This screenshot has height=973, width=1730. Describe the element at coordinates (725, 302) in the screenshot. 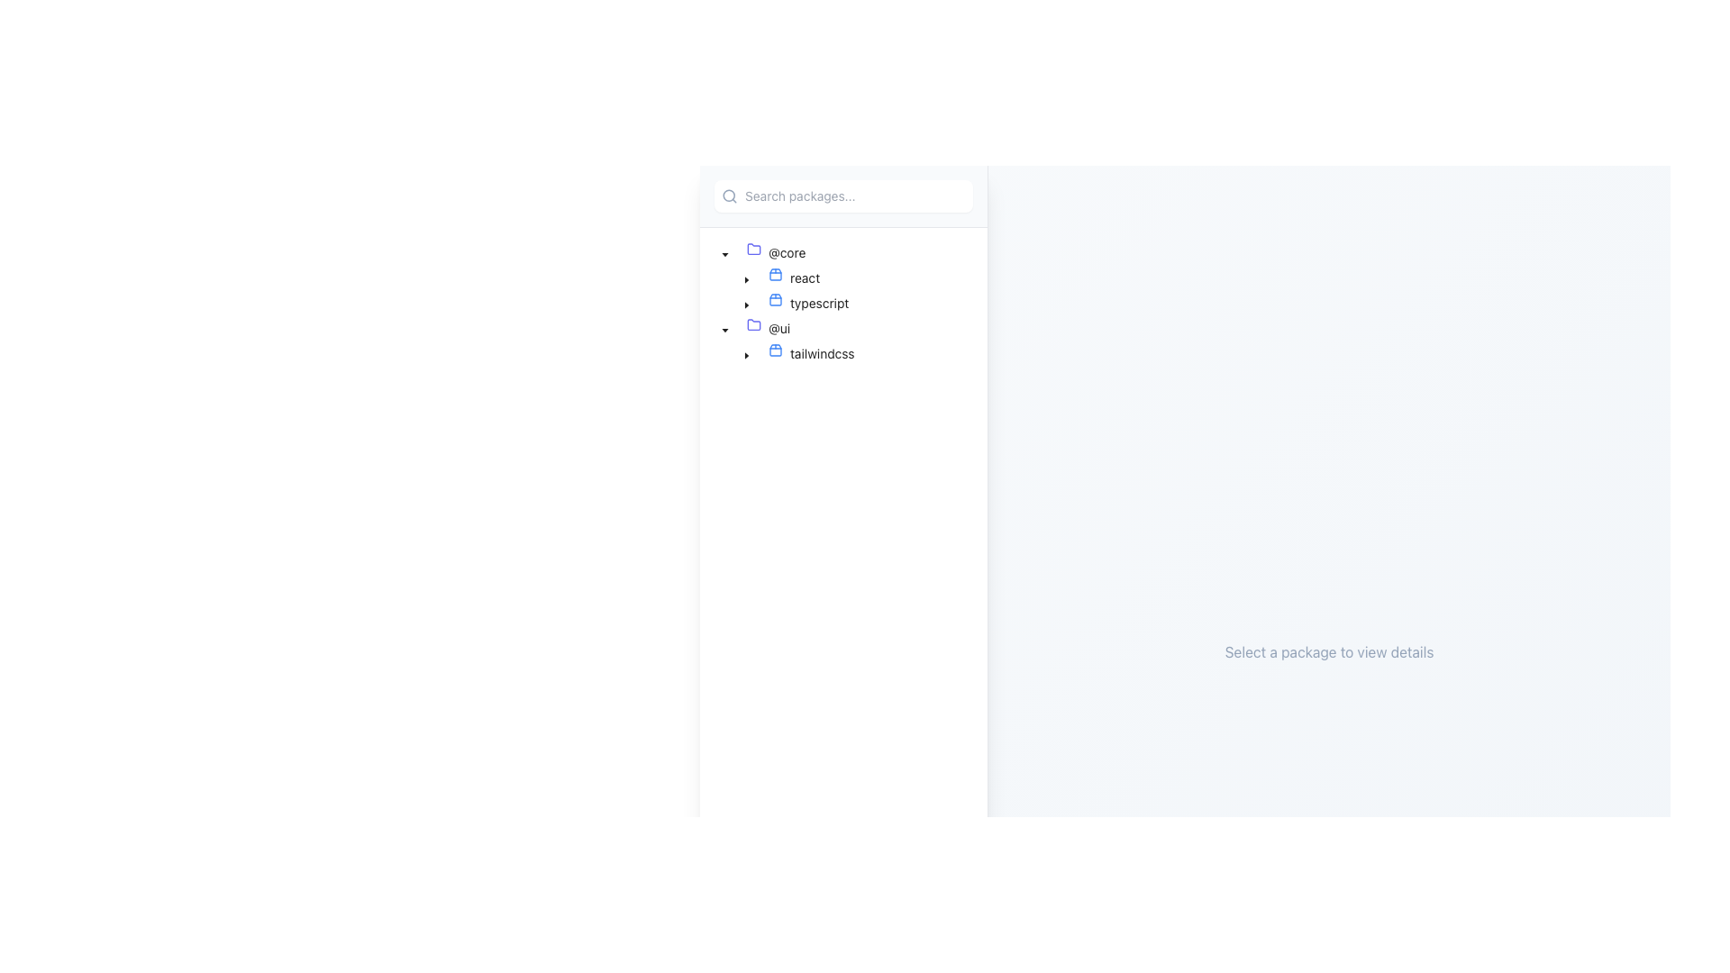

I see `the first visible Visual Spacer (Indentation Marker) in the tree view structure for the leaf item titled 'typescript'` at that location.